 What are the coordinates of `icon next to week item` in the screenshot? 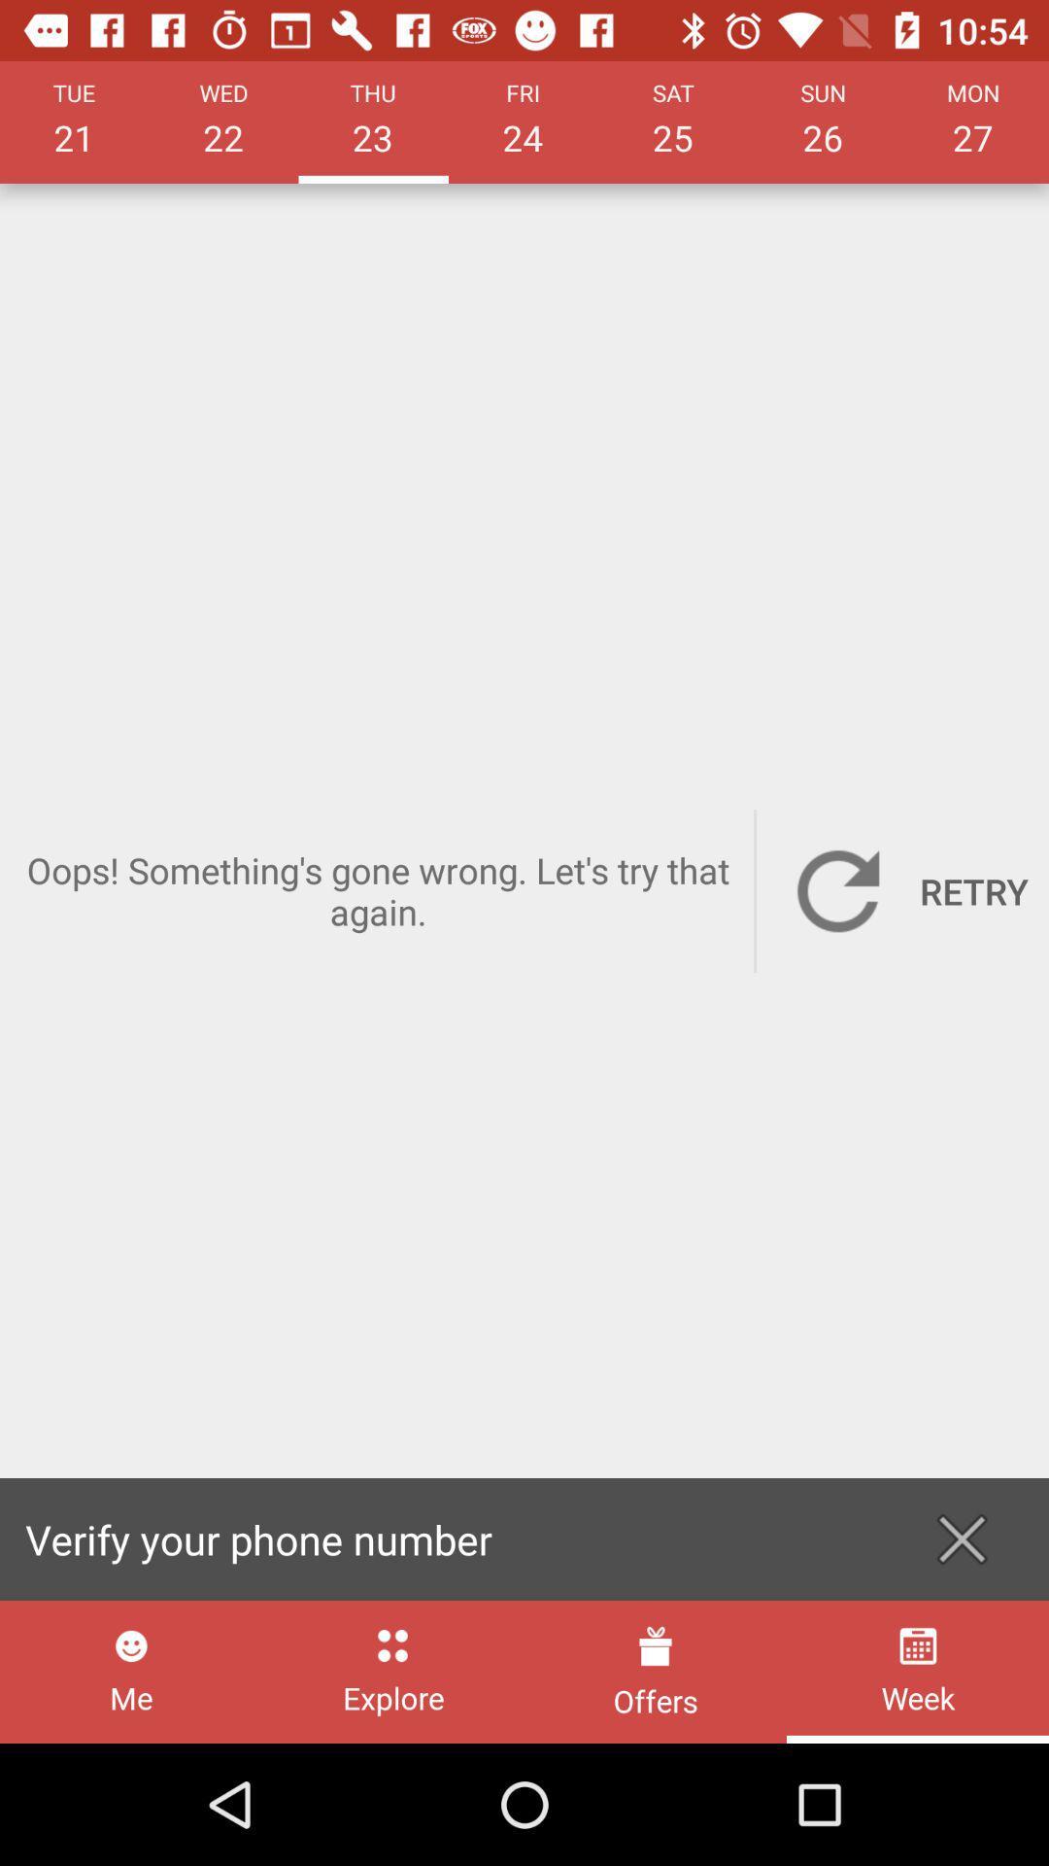 It's located at (656, 1671).